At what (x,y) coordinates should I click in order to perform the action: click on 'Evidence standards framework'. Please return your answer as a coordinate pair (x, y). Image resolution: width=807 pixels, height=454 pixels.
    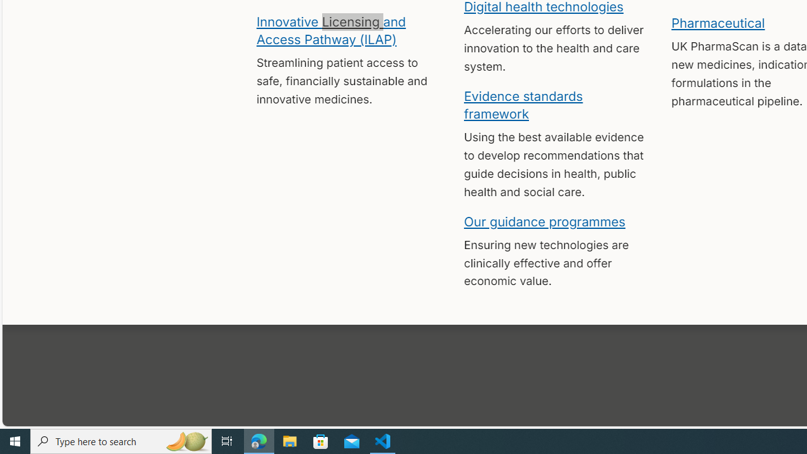
    Looking at the image, I should click on (523, 103).